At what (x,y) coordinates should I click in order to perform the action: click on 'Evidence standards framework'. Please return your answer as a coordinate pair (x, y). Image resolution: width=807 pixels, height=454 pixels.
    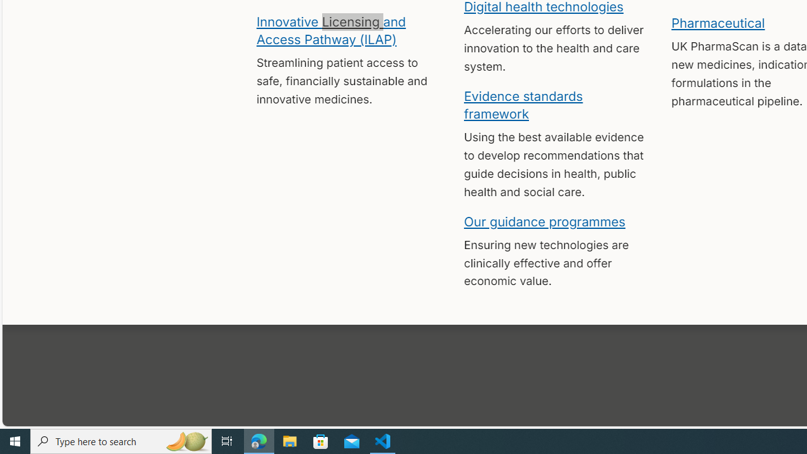
    Looking at the image, I should click on (523, 103).